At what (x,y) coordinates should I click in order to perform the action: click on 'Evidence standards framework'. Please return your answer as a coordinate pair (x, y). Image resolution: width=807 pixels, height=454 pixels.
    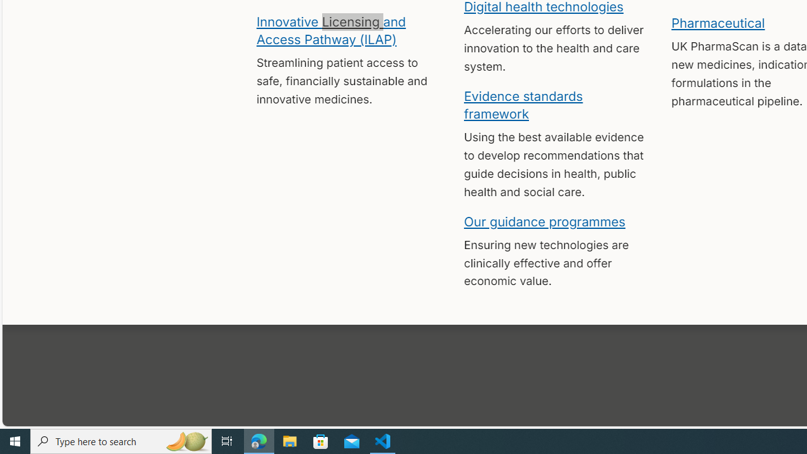
    Looking at the image, I should click on (523, 103).